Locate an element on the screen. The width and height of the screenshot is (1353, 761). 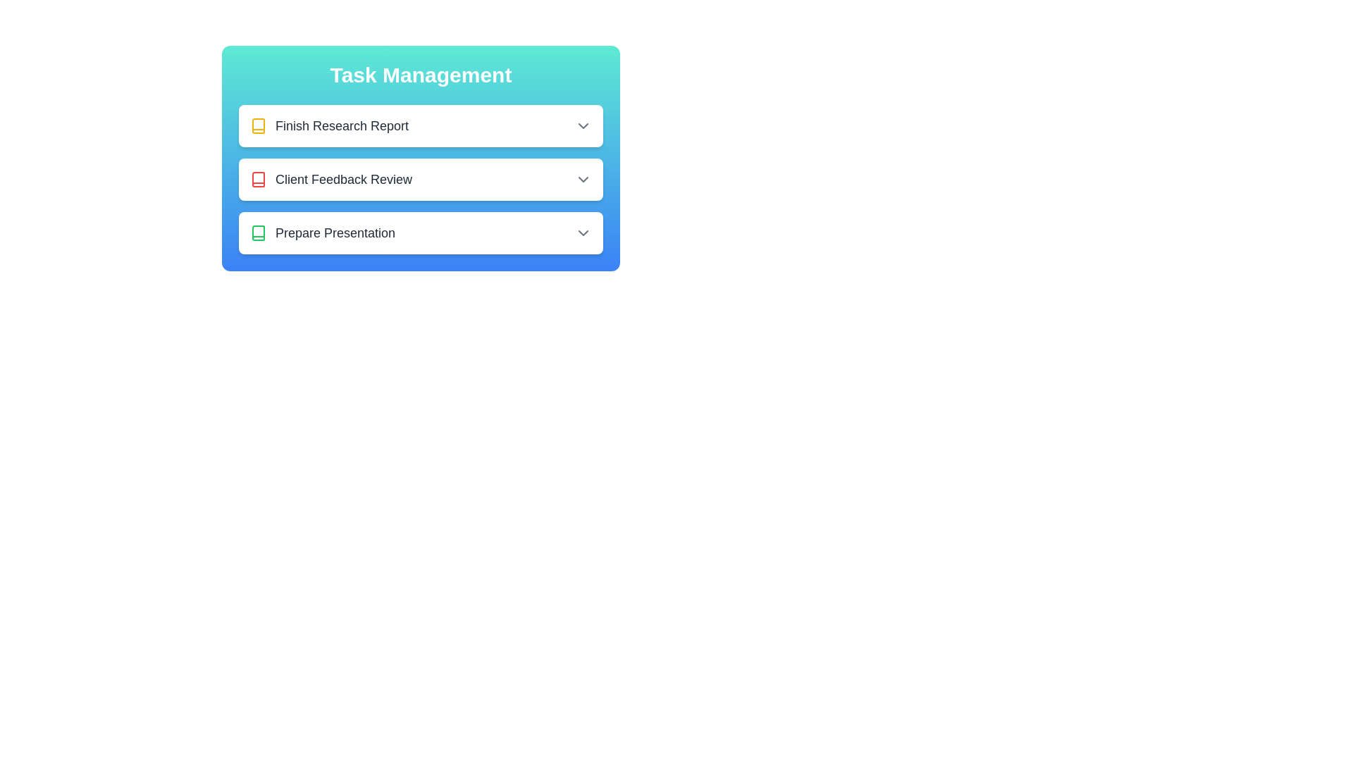
the status icon for the task Finish Research Report is located at coordinates (258, 125).